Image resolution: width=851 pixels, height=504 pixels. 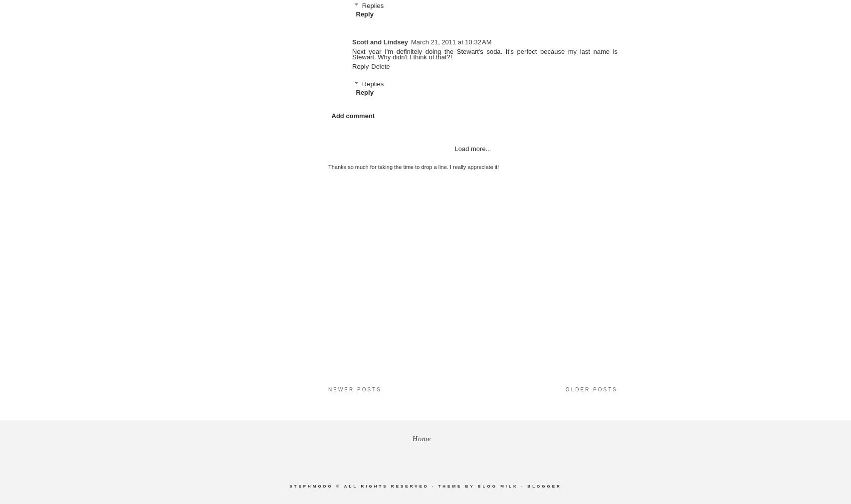 What do you see at coordinates (521, 486) in the screenshot?
I see `'· Blogger'` at bounding box center [521, 486].